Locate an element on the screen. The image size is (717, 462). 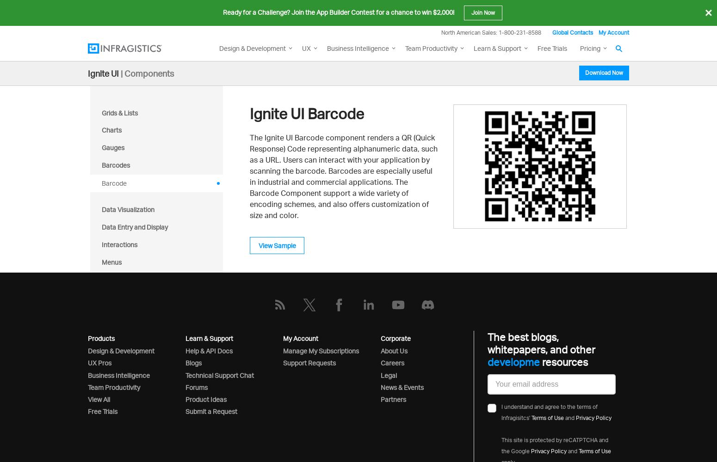
'Data Visualization' is located at coordinates (128, 209).